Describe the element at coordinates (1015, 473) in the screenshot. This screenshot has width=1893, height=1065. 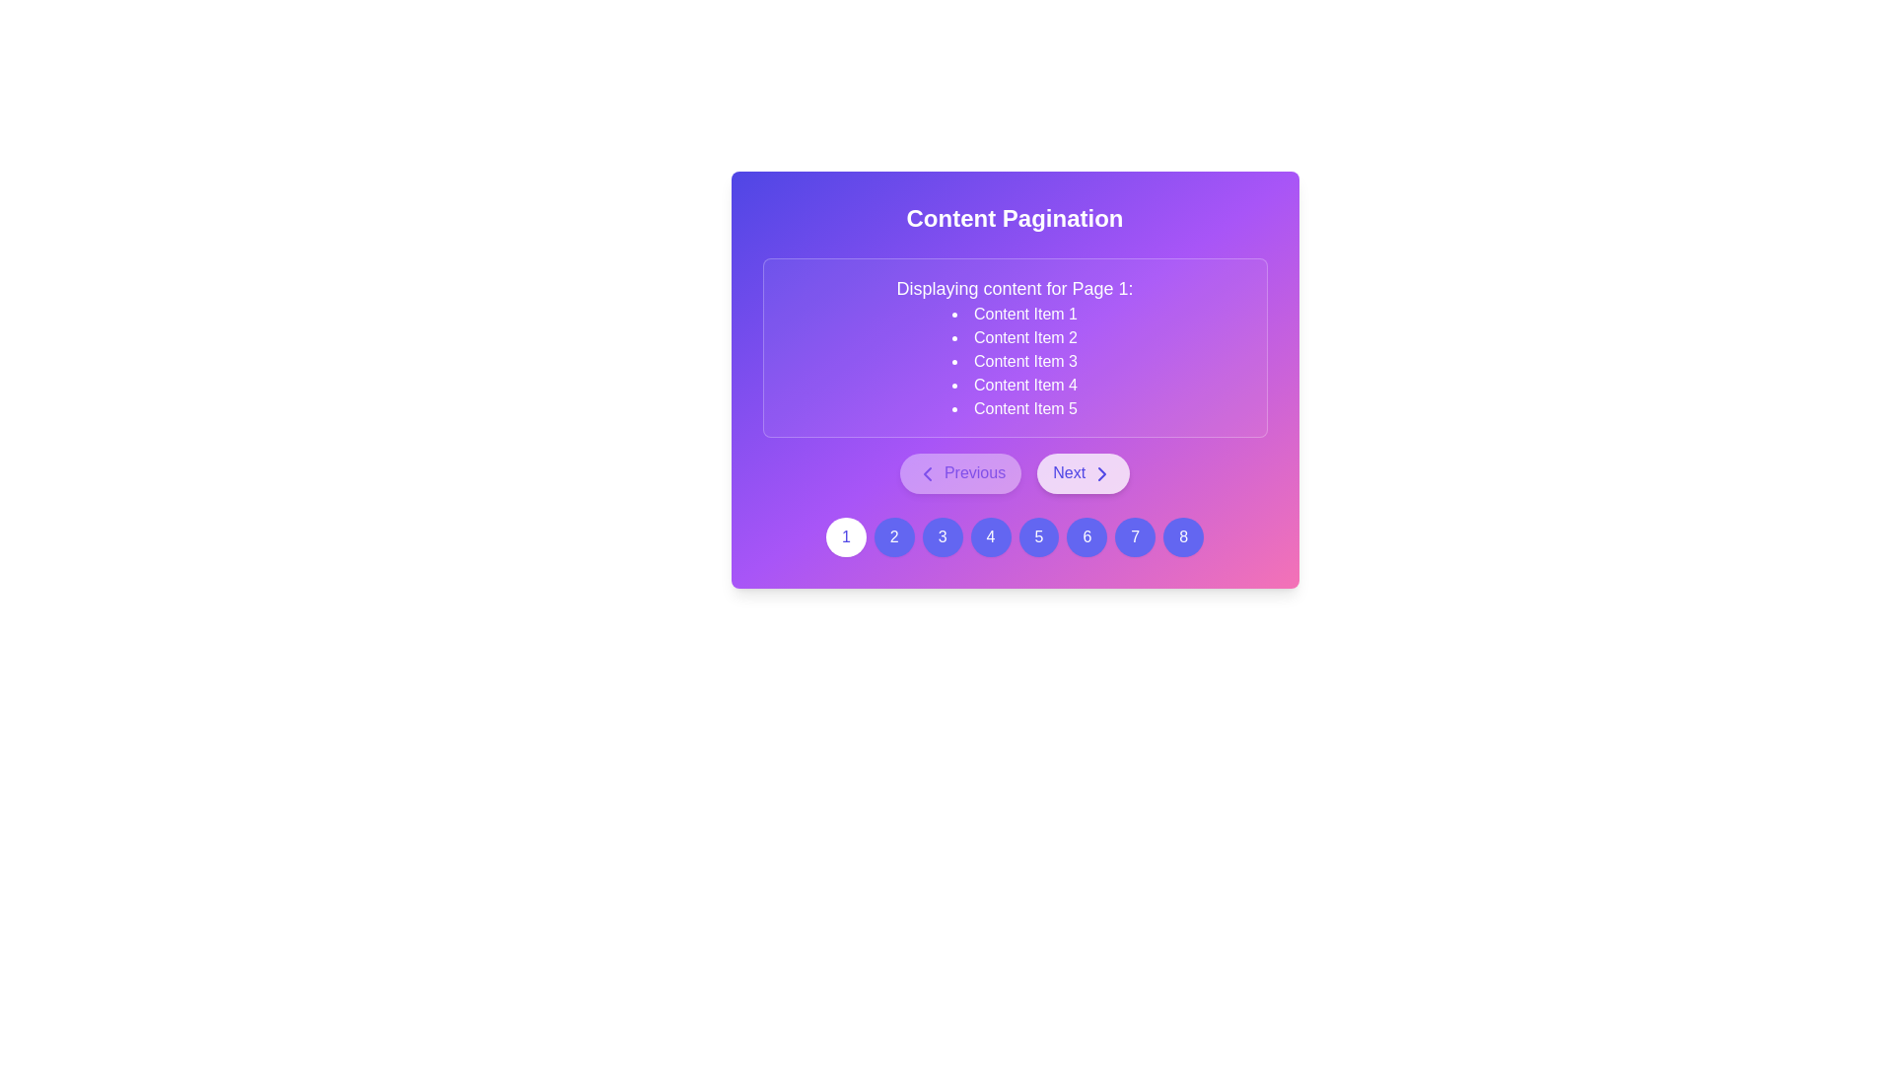
I see `the 'Next' button in the navigation component` at that location.